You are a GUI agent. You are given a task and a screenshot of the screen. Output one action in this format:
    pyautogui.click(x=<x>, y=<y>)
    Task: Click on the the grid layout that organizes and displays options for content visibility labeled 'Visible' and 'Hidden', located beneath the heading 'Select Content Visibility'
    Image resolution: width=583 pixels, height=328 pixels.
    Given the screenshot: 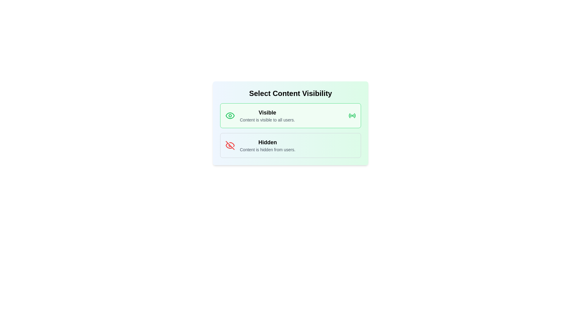 What is the action you would take?
    pyautogui.click(x=290, y=130)
    